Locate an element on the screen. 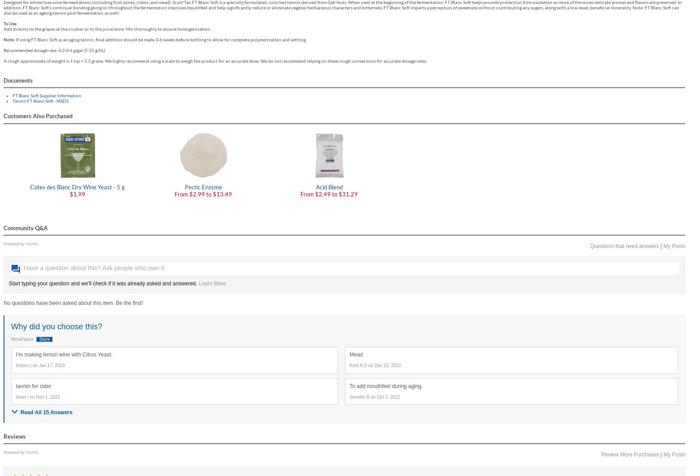 The height and width of the screenshot is (476, 700). 'on Nov 1, 2022' is located at coordinates (44, 397).